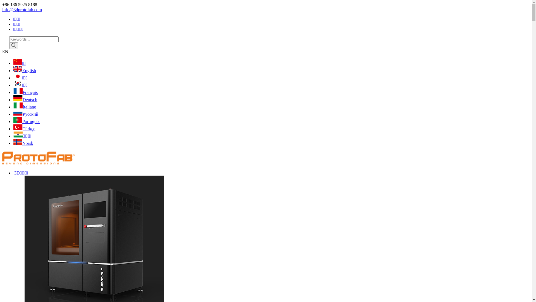 This screenshot has width=536, height=302. Describe the element at coordinates (23, 143) in the screenshot. I see `'Norsk'` at that location.